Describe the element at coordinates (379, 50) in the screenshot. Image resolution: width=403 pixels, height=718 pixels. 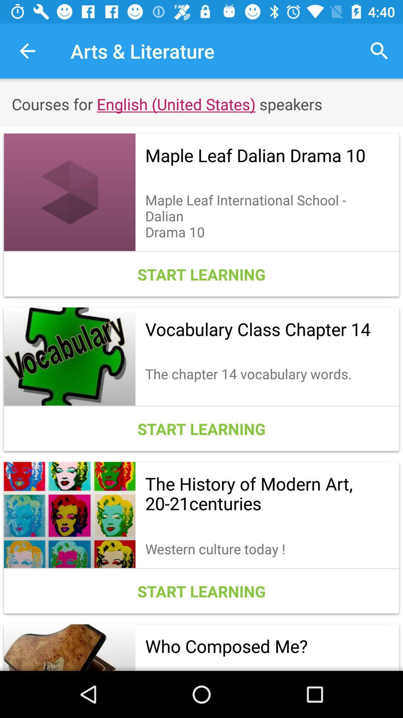
I see `icon to the right of arts & literature` at that location.